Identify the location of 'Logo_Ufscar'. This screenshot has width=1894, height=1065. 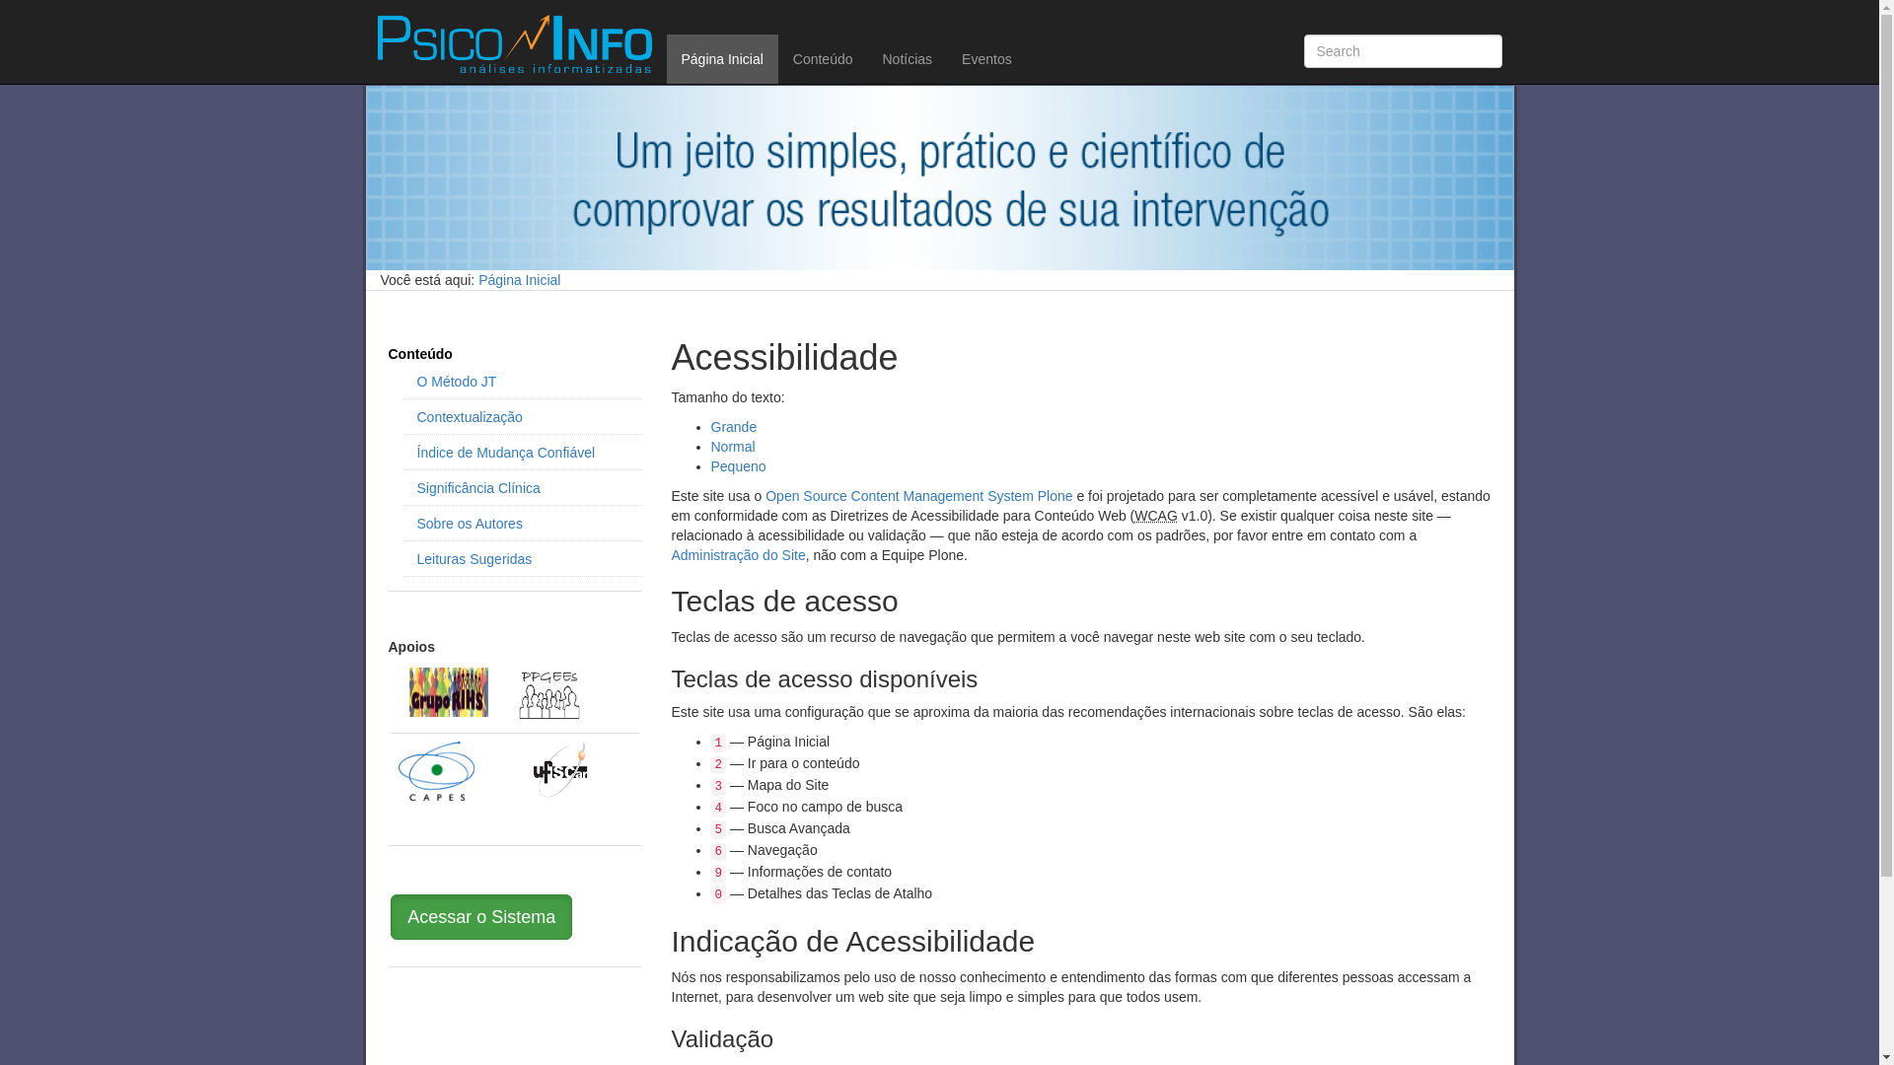
(559, 768).